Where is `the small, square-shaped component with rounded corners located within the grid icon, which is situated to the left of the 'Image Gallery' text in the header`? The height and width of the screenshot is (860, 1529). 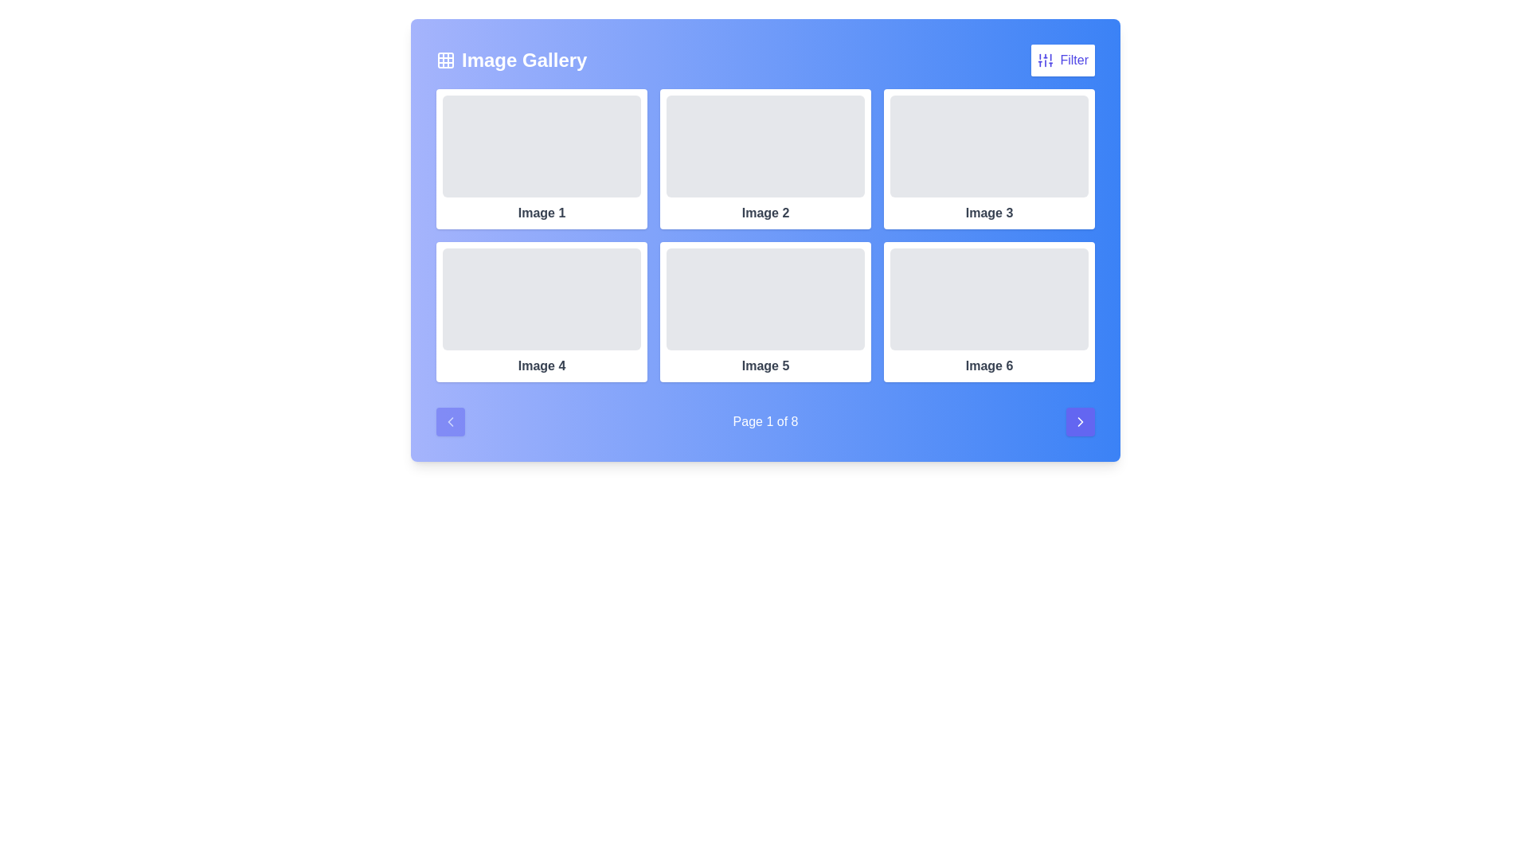
the small, square-shaped component with rounded corners located within the grid icon, which is situated to the left of the 'Image Gallery' text in the header is located at coordinates (446, 60).